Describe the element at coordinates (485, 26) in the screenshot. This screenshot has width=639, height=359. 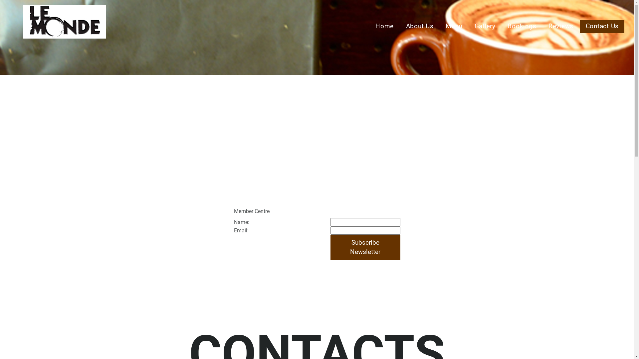
I see `'Gallery'` at that location.